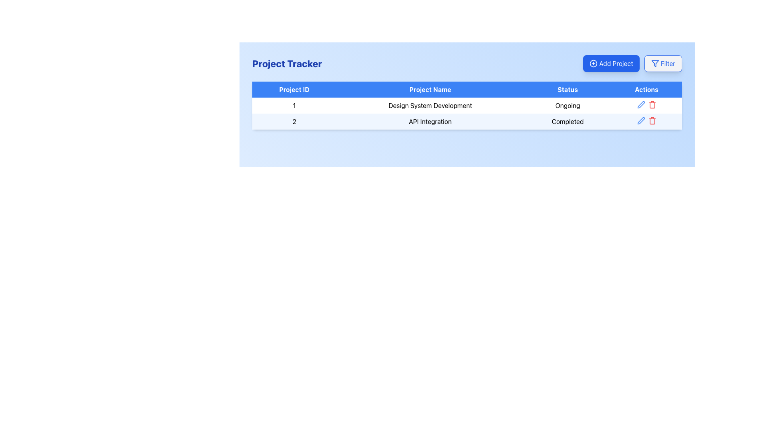 The width and height of the screenshot is (769, 432). What do you see at coordinates (663, 63) in the screenshot?
I see `the 'Filter' button located in the top-right corner of the interface, to the right of the 'Add Project' button, which has a gray background and blue text` at bounding box center [663, 63].